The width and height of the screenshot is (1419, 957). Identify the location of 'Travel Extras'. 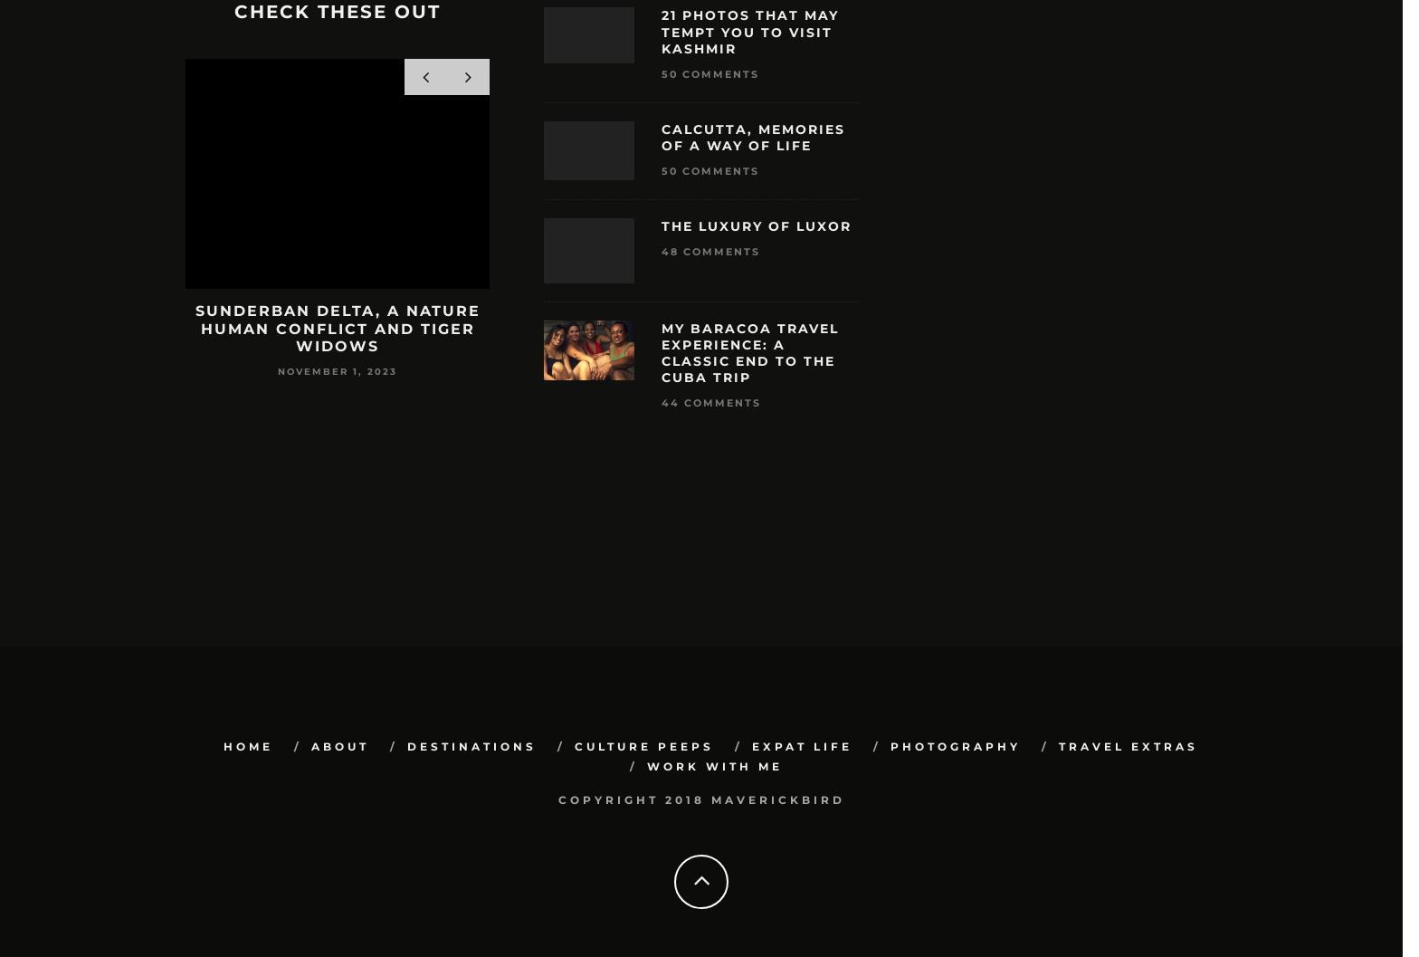
(1057, 746).